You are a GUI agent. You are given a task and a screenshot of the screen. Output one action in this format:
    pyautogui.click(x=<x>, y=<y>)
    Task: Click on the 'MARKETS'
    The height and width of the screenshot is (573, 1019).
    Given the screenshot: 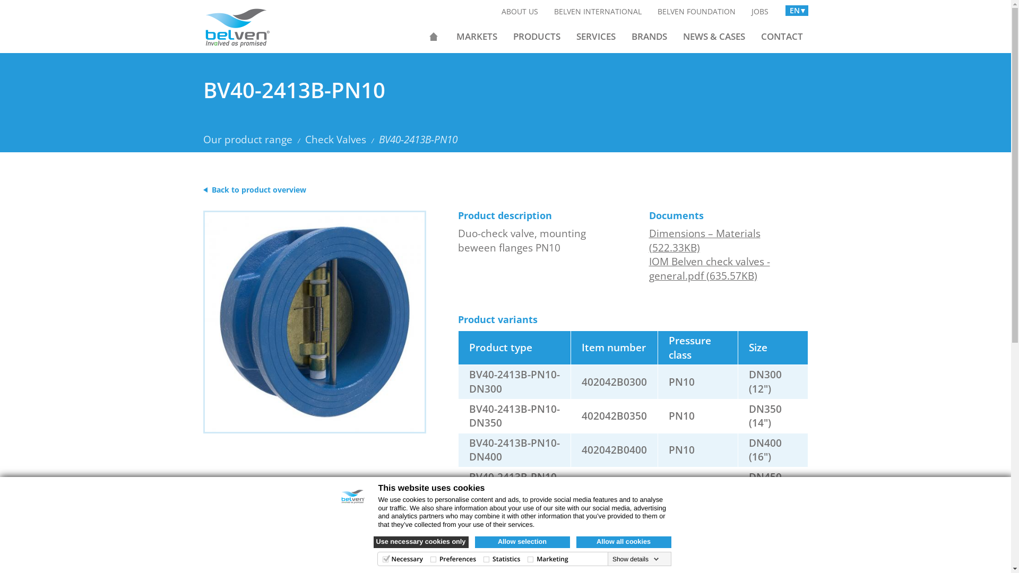 What is the action you would take?
    pyautogui.click(x=476, y=36)
    